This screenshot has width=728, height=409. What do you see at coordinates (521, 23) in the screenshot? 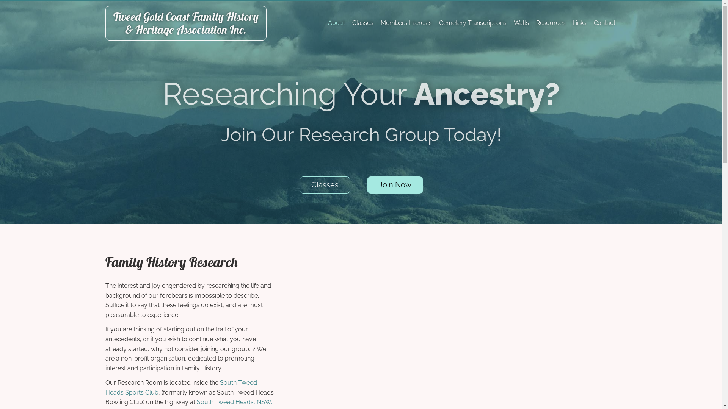
I see `'Walls'` at bounding box center [521, 23].